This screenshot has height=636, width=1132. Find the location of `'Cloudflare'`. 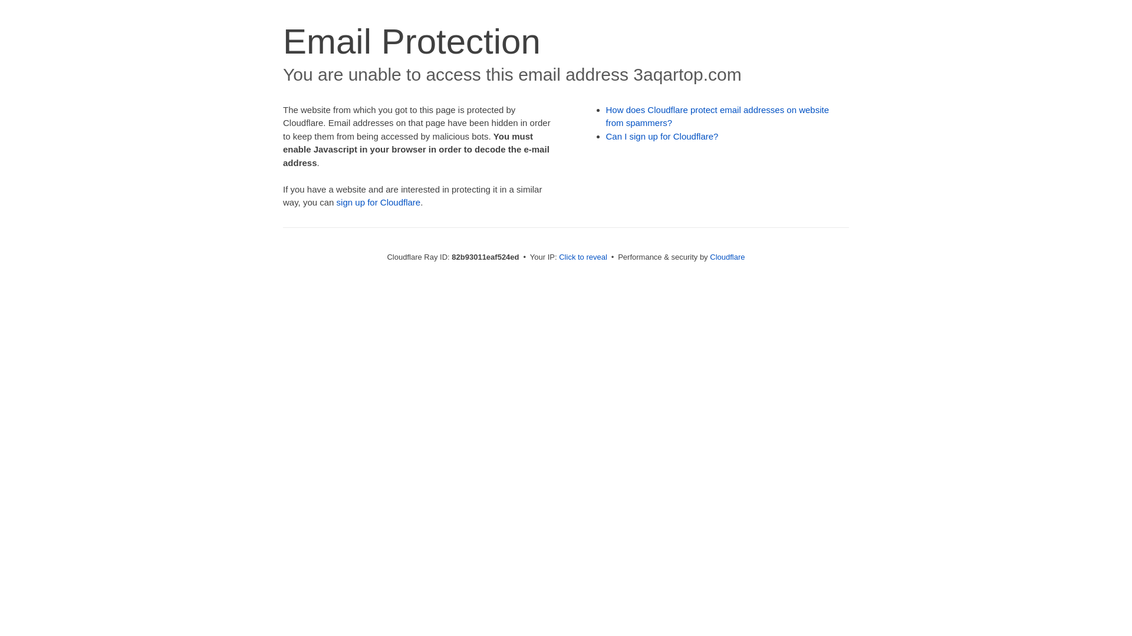

'Cloudflare' is located at coordinates (726, 256).